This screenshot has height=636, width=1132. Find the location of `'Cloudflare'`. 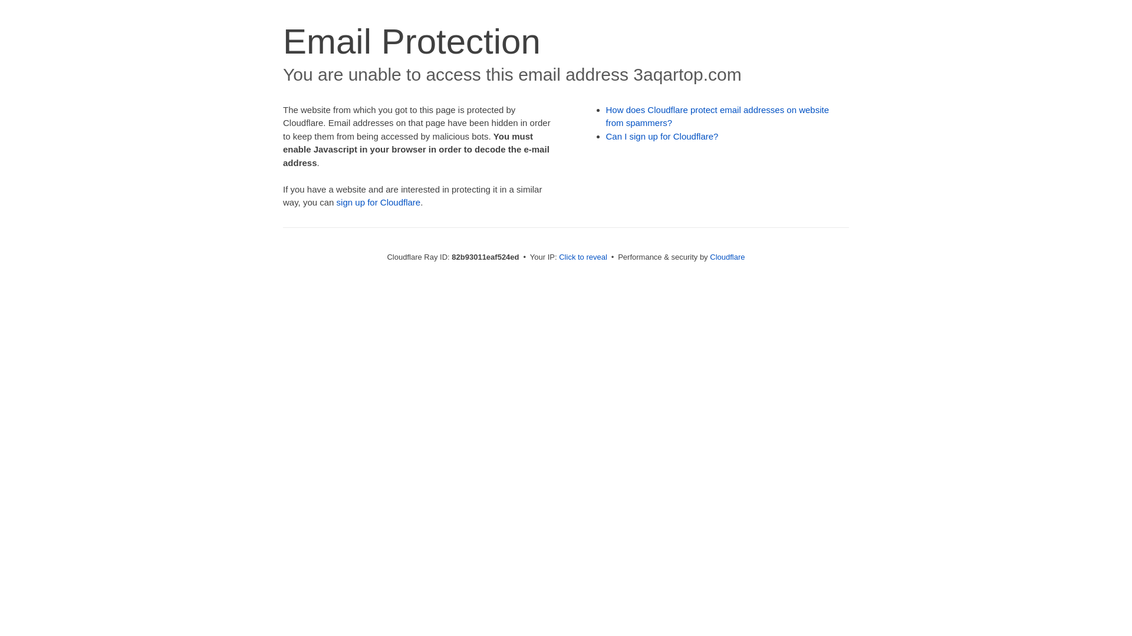

'Cloudflare' is located at coordinates (726, 256).